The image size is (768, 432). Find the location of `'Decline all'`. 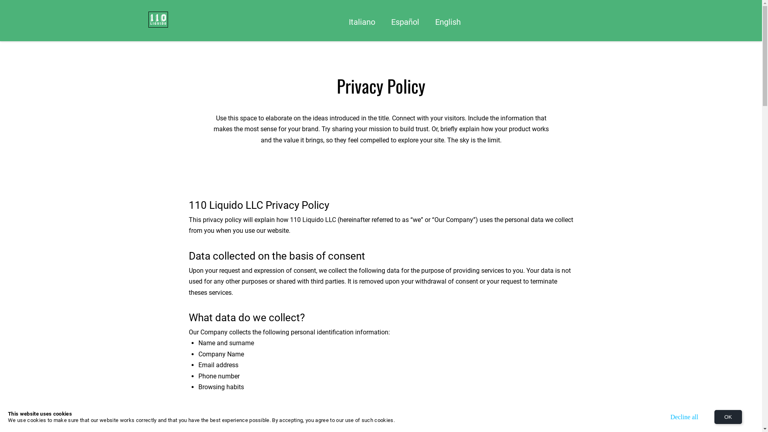

'Decline all' is located at coordinates (684, 416).